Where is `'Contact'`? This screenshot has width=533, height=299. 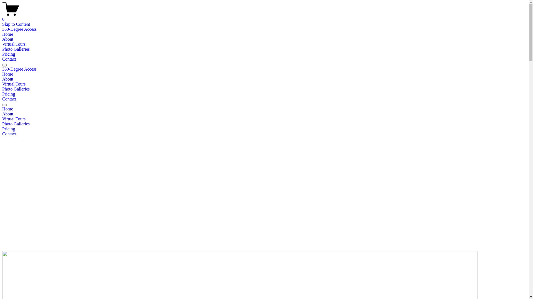
'Contact' is located at coordinates (9, 59).